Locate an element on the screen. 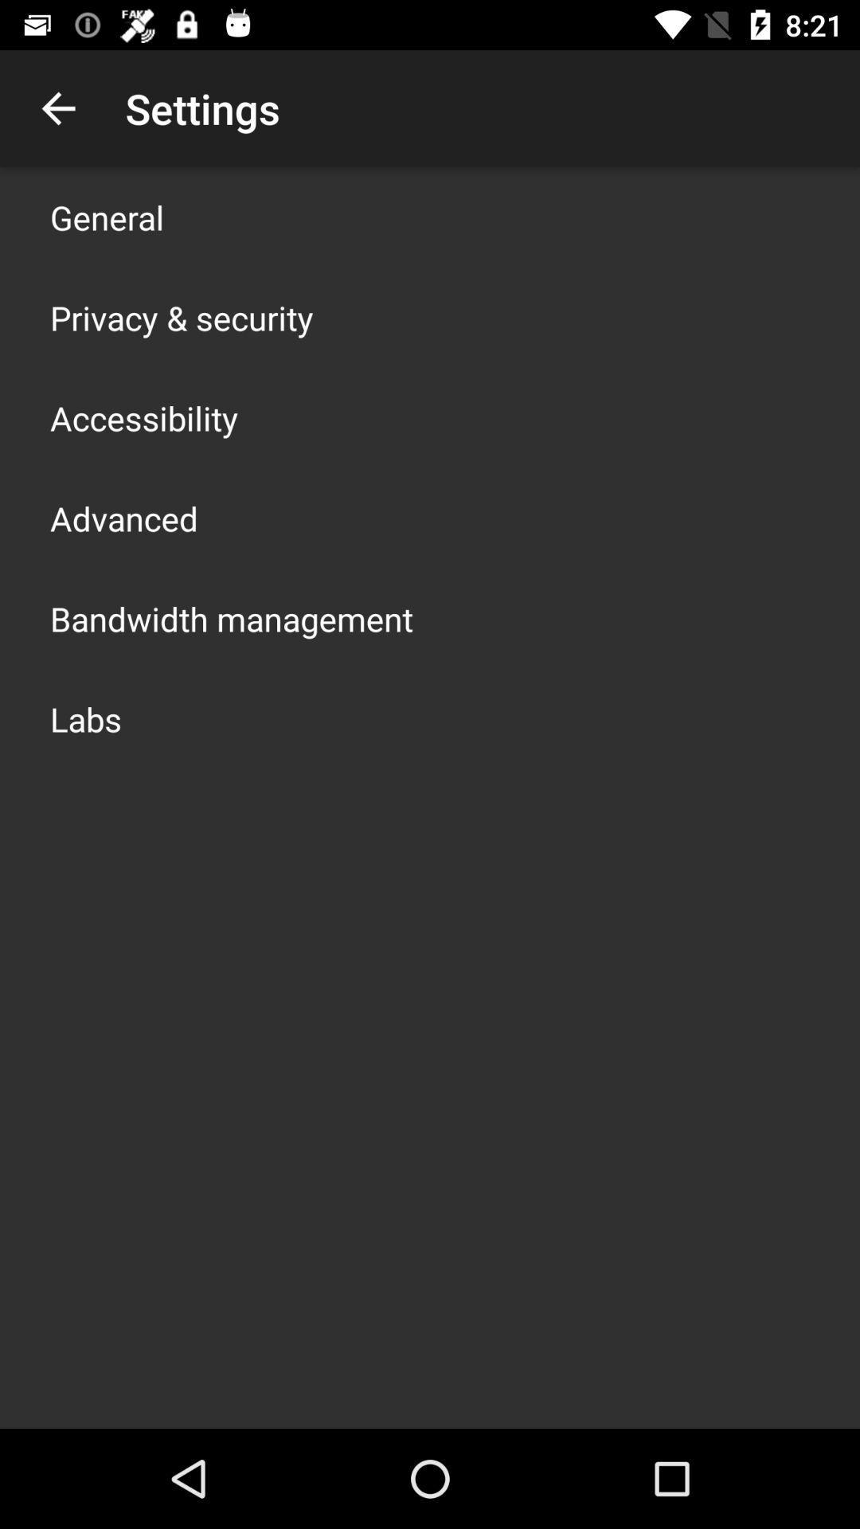  the general icon is located at coordinates (107, 217).